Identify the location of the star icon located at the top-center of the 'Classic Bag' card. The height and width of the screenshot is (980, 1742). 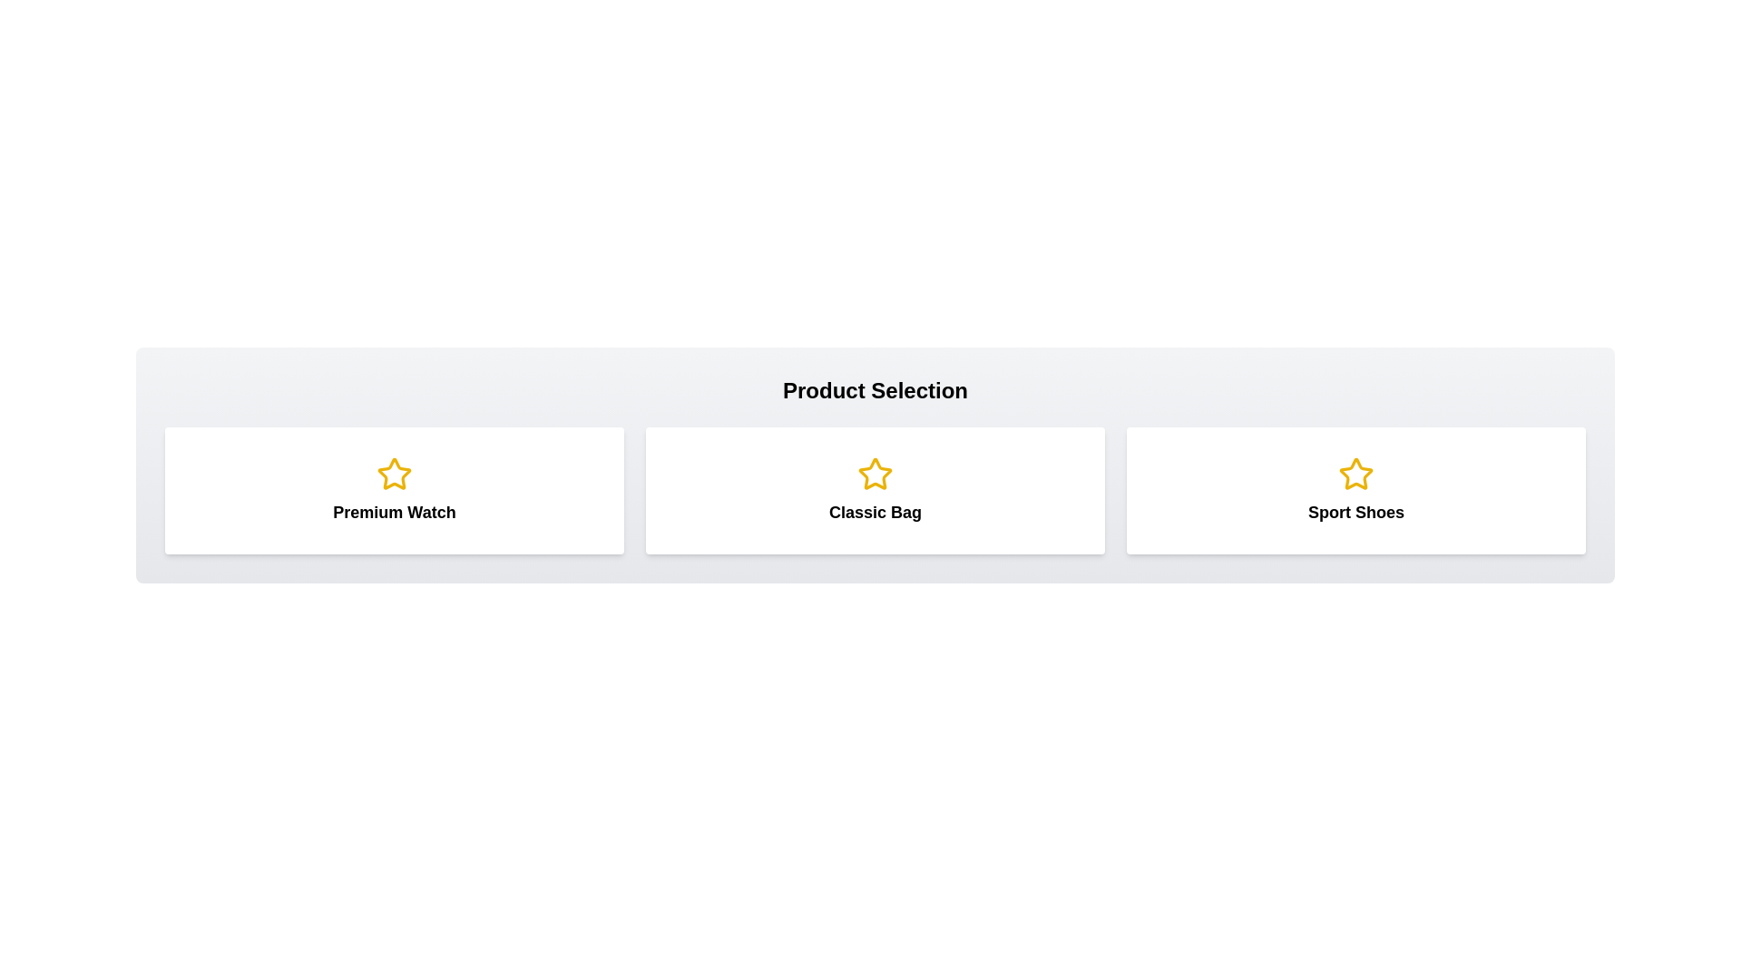
(875, 474).